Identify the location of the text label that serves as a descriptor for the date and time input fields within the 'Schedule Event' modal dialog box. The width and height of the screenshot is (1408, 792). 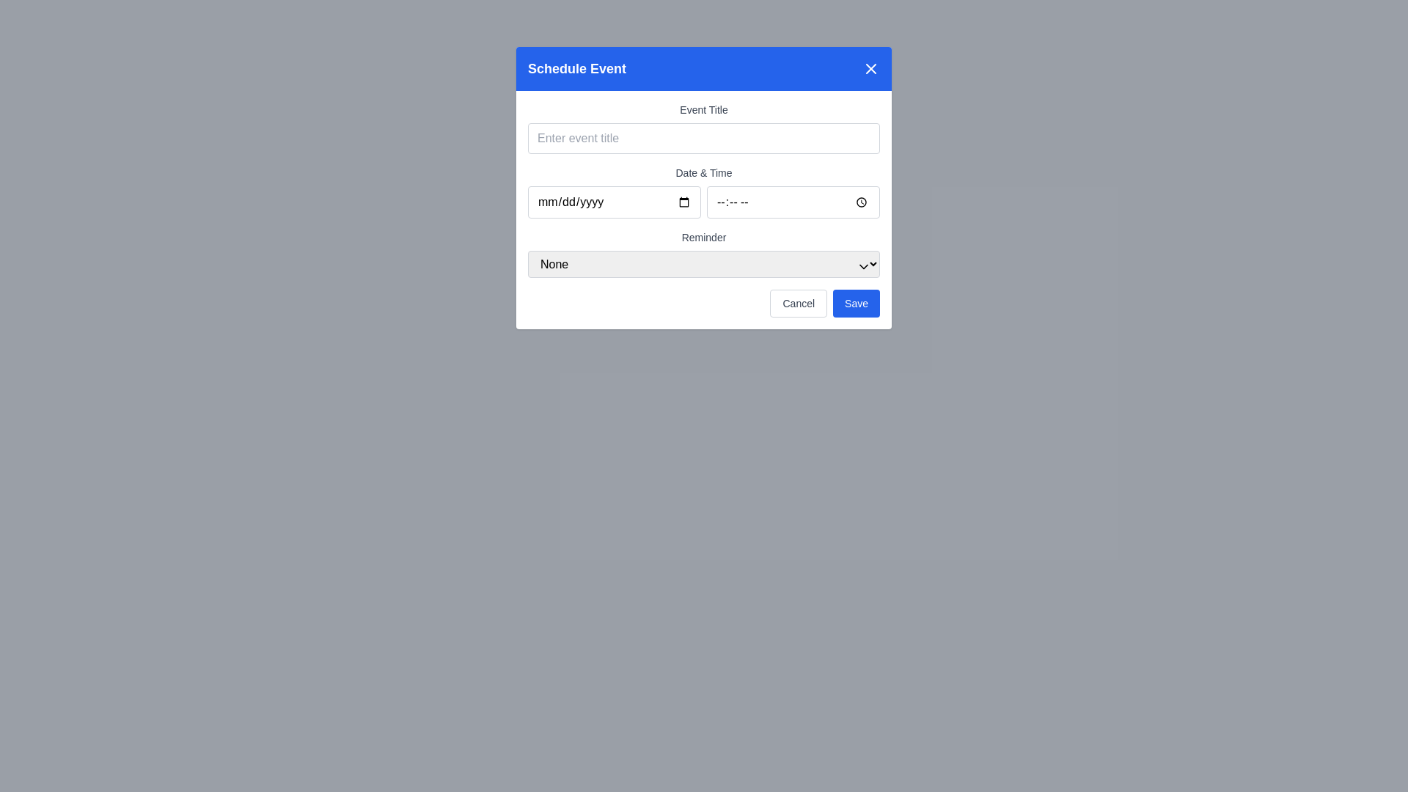
(704, 172).